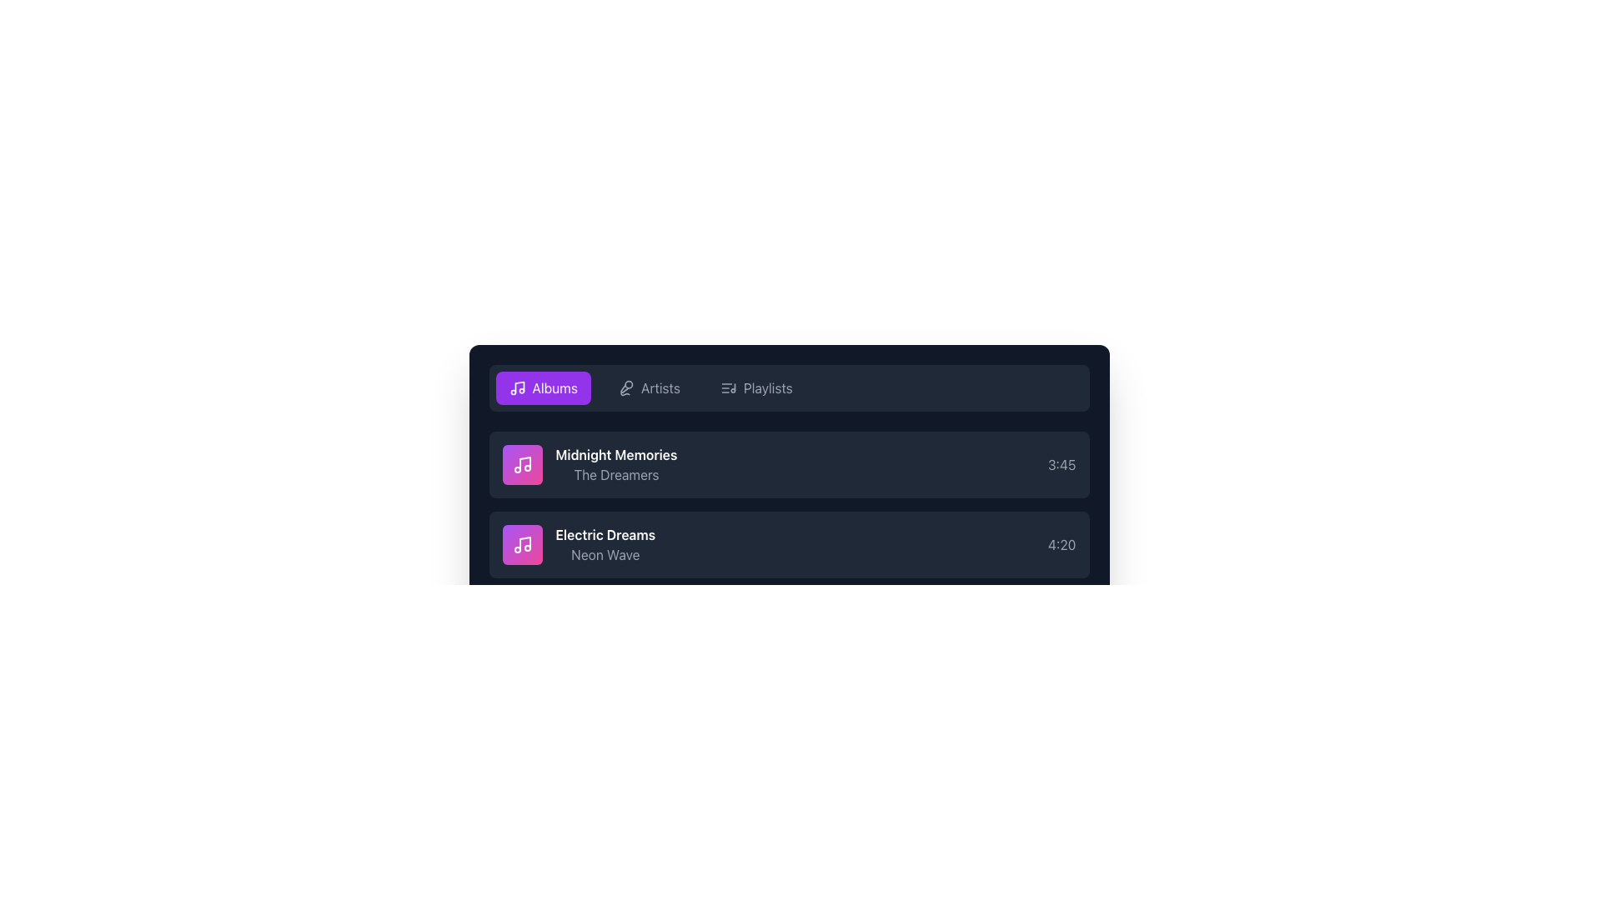 The width and height of the screenshot is (1601, 900). What do you see at coordinates (590, 465) in the screenshot?
I see `the 'Midnight Memories' text description component` at bounding box center [590, 465].